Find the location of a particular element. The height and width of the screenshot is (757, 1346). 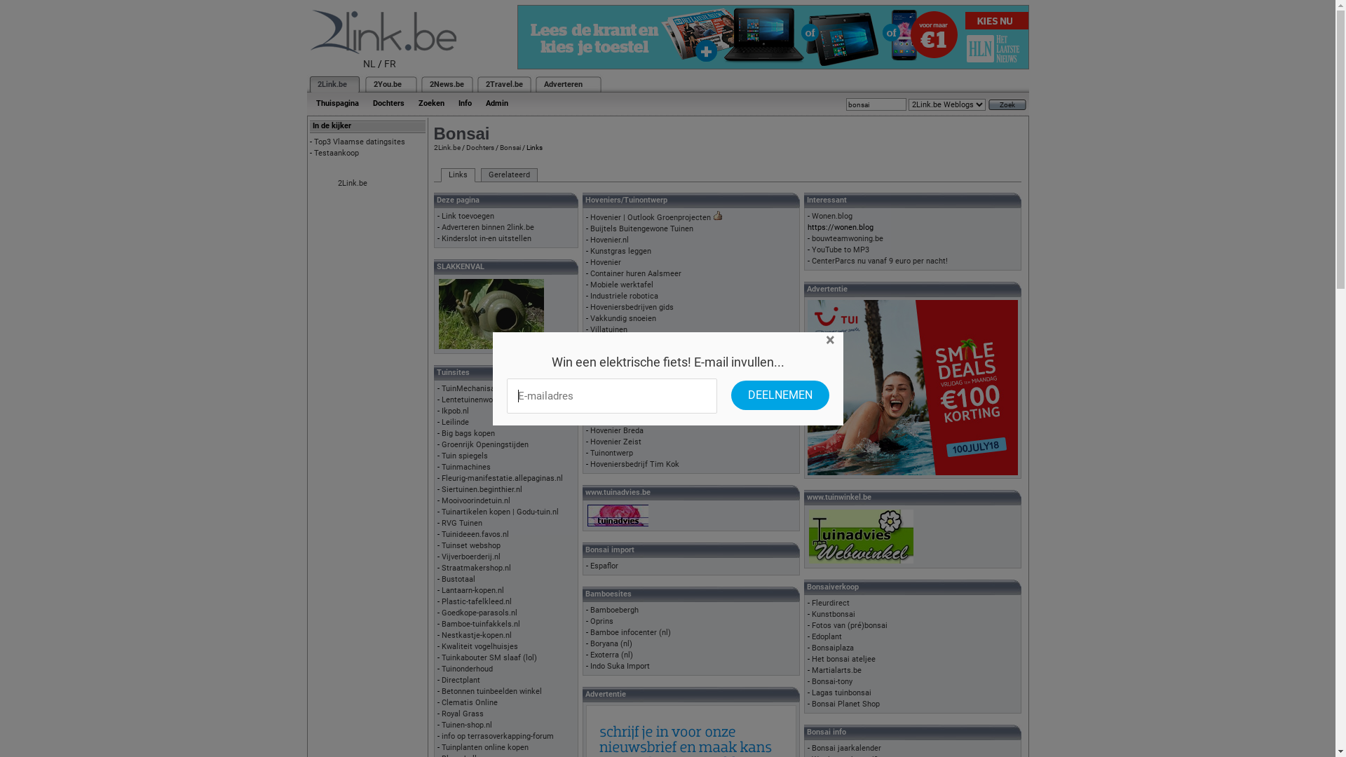

'FR' is located at coordinates (390, 64).